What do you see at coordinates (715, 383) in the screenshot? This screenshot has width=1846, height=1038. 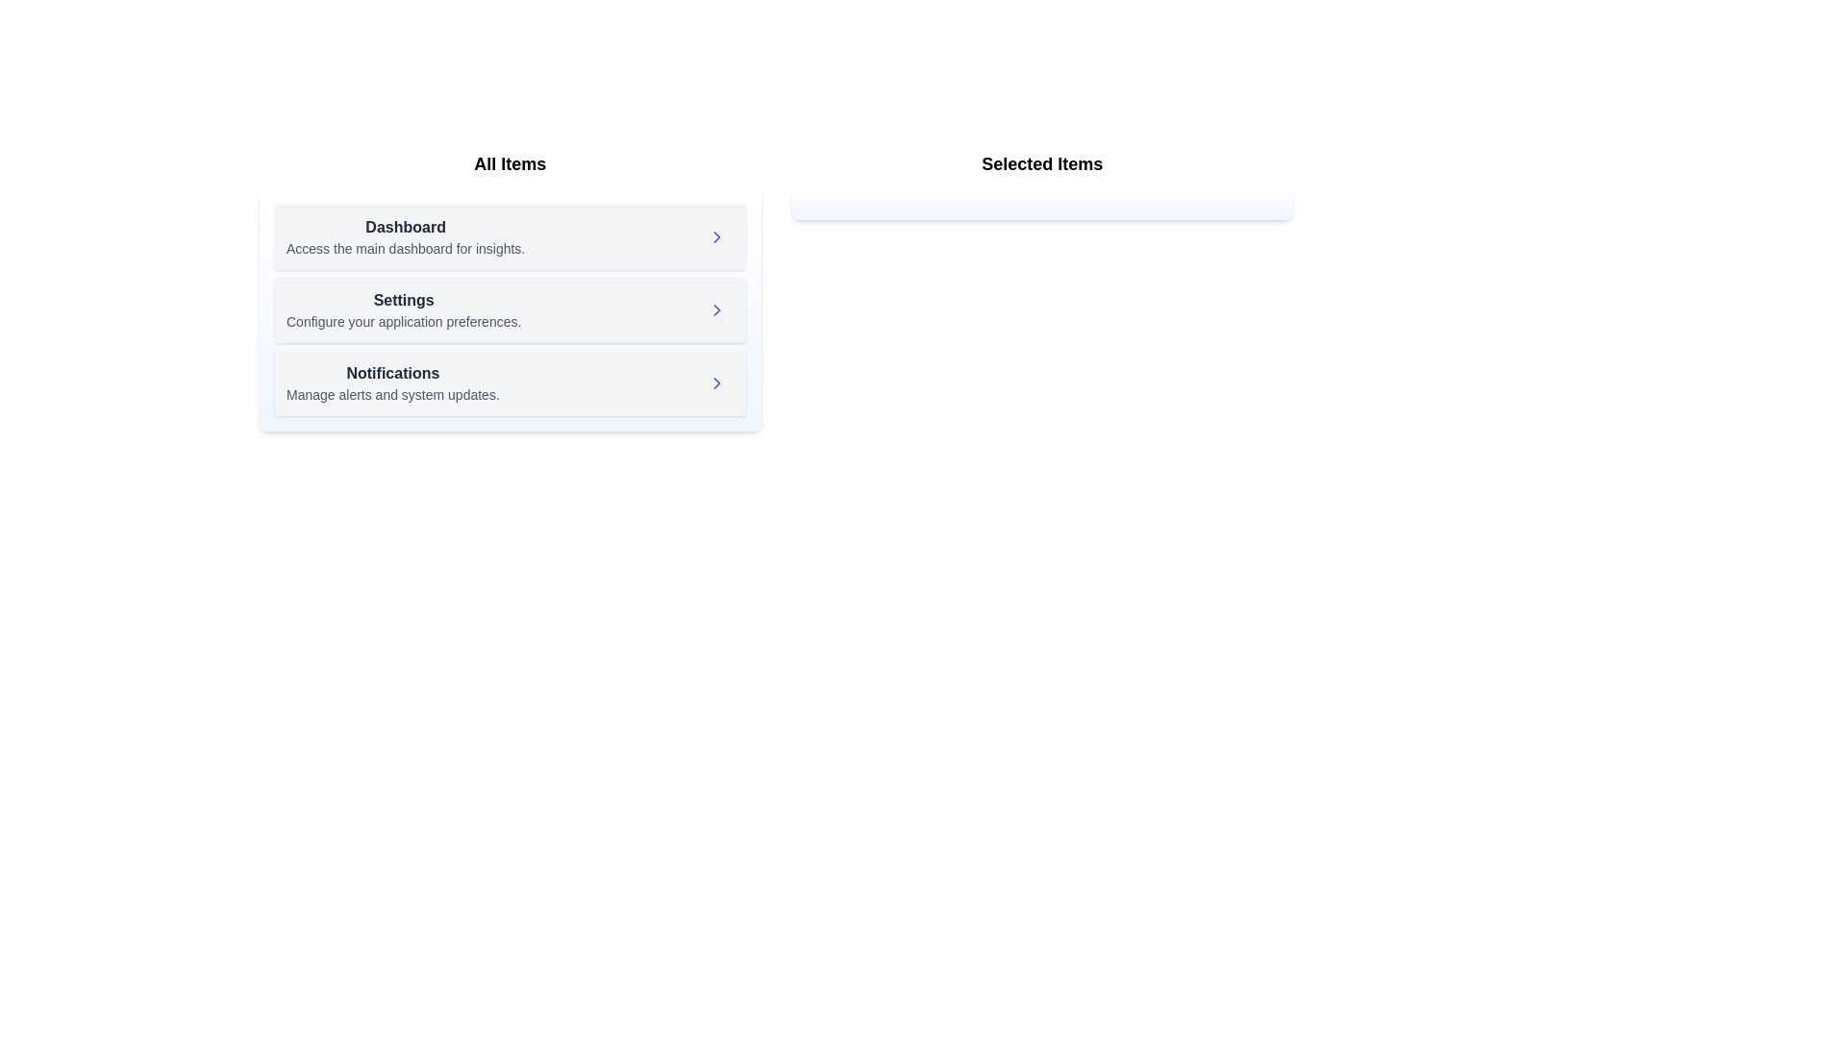 I see `right arrow next to the item 'Notifications' in the available items list to move it to the selected items list` at bounding box center [715, 383].